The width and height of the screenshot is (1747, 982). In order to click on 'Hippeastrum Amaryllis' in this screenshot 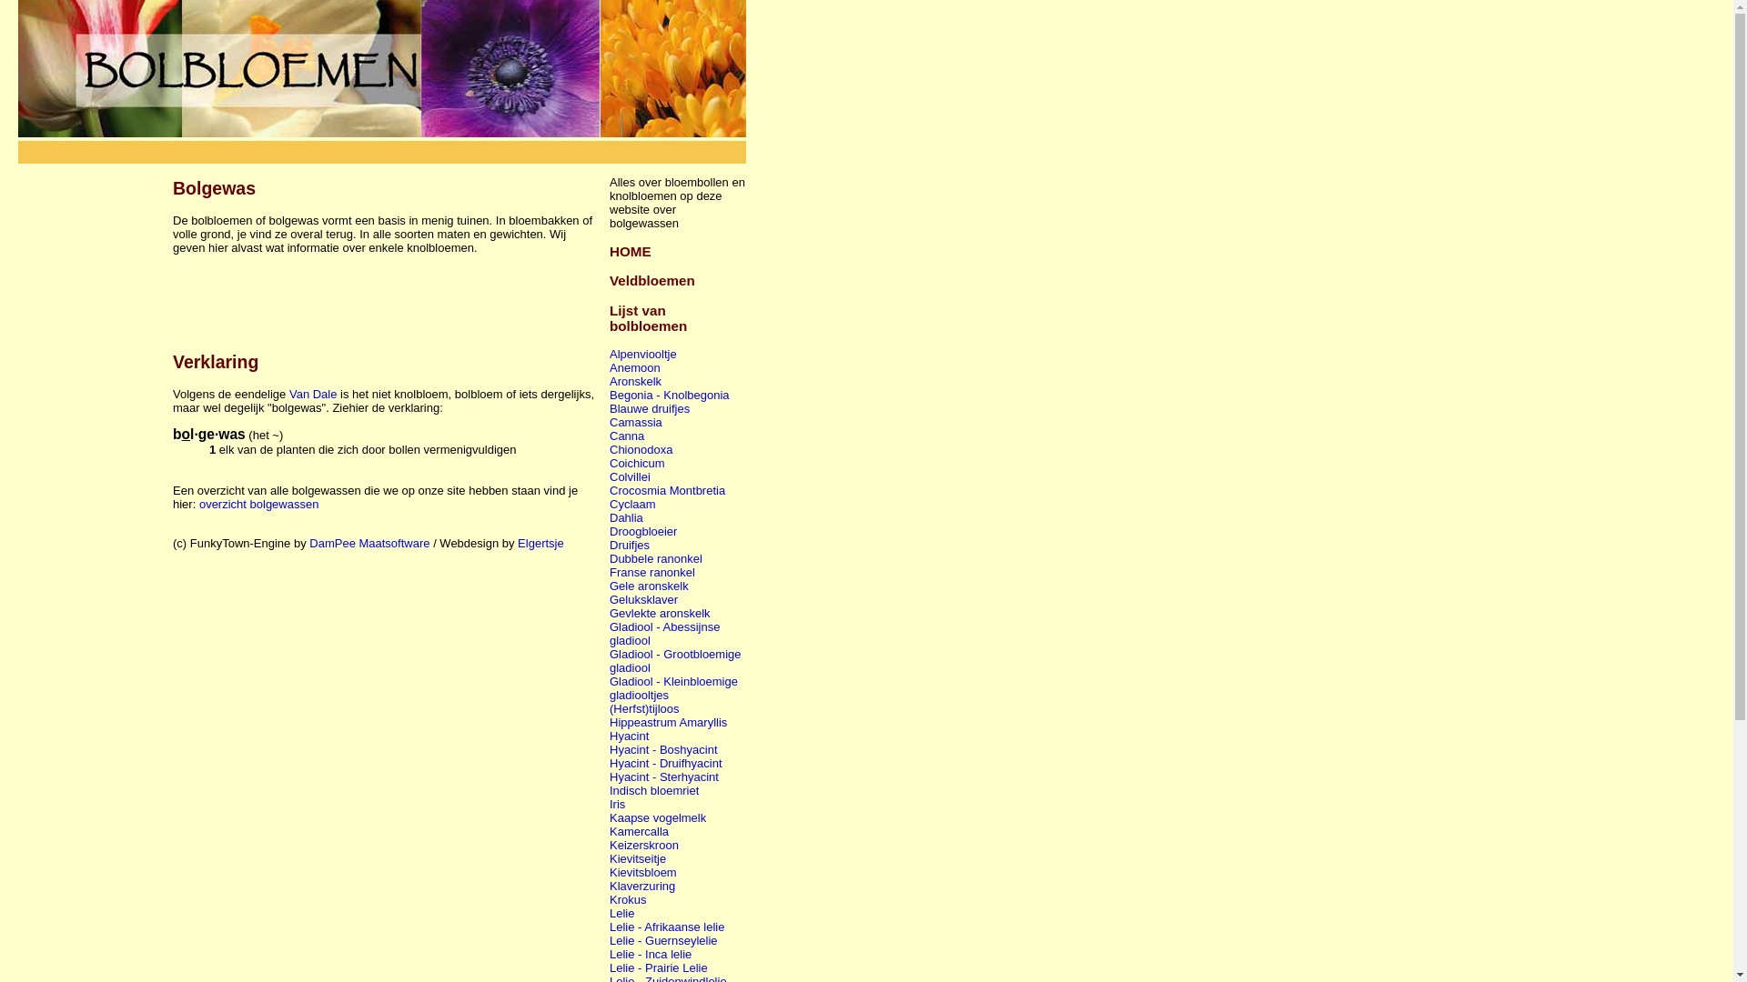, I will do `click(667, 721)`.